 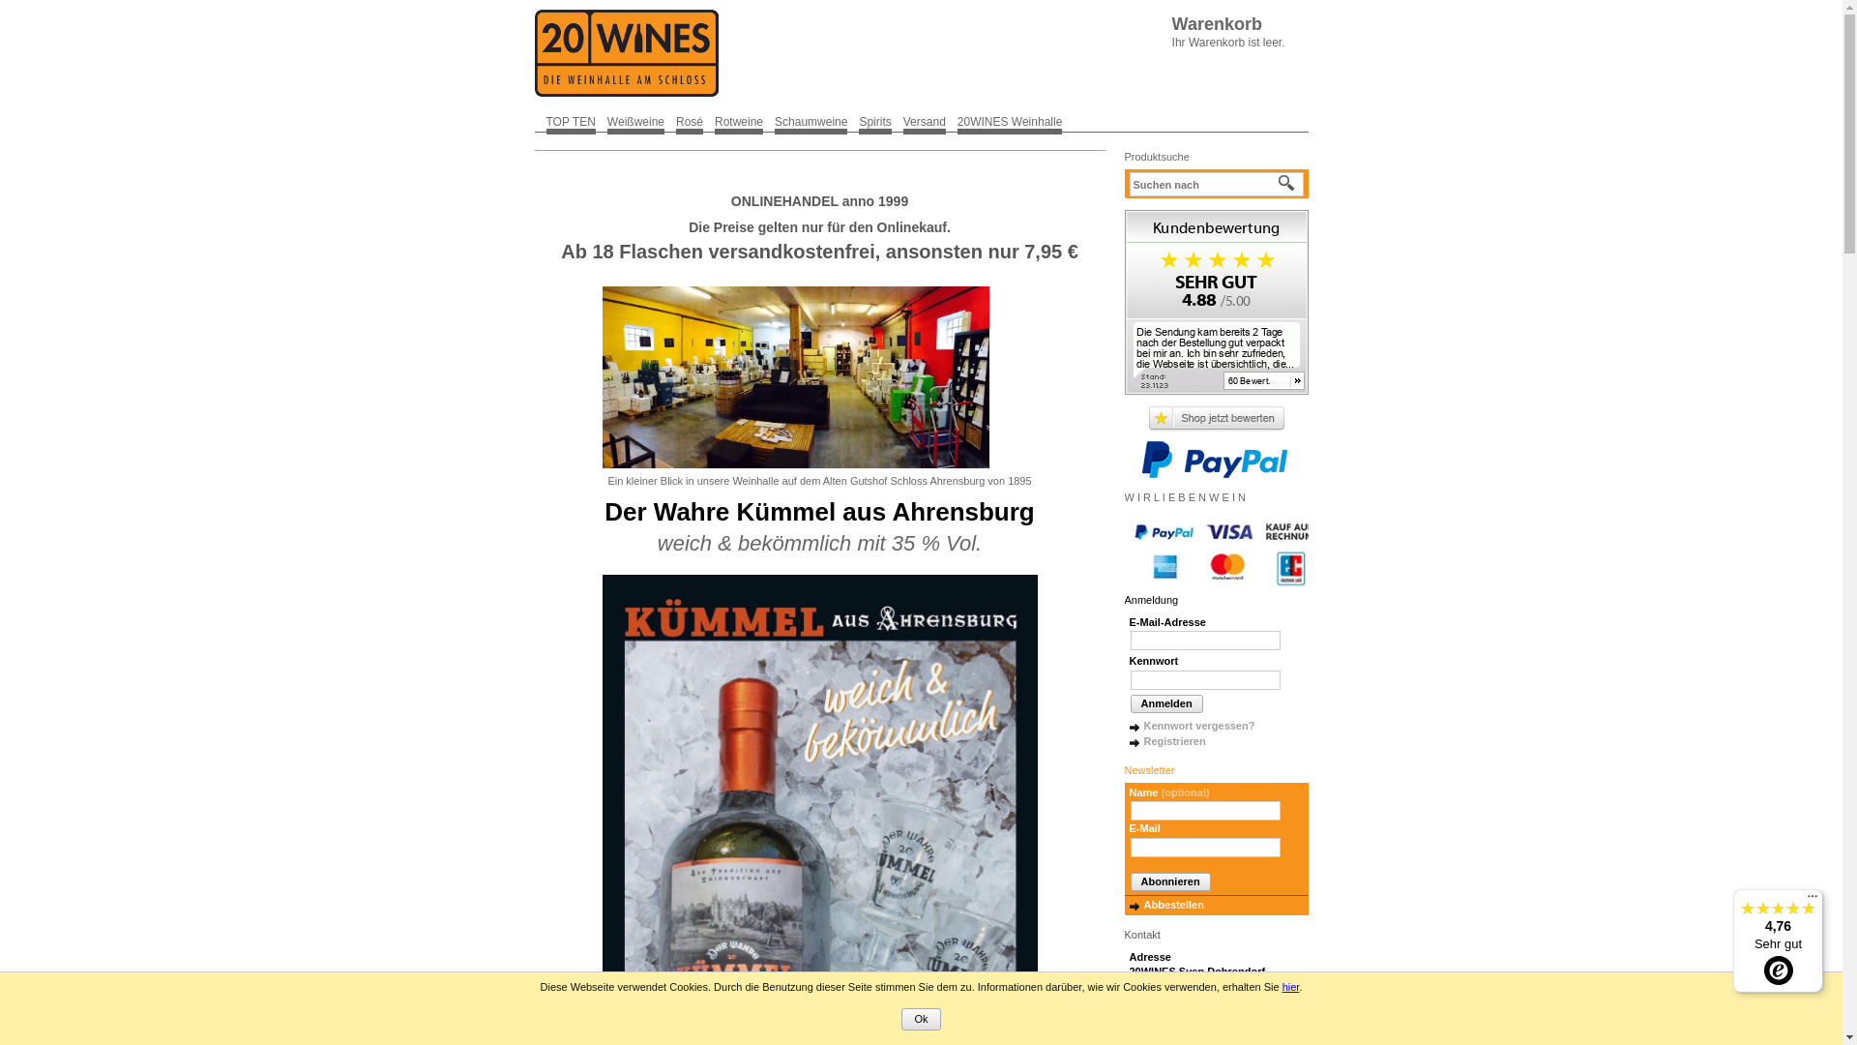 I want to click on 'Versand', so click(x=902, y=120).